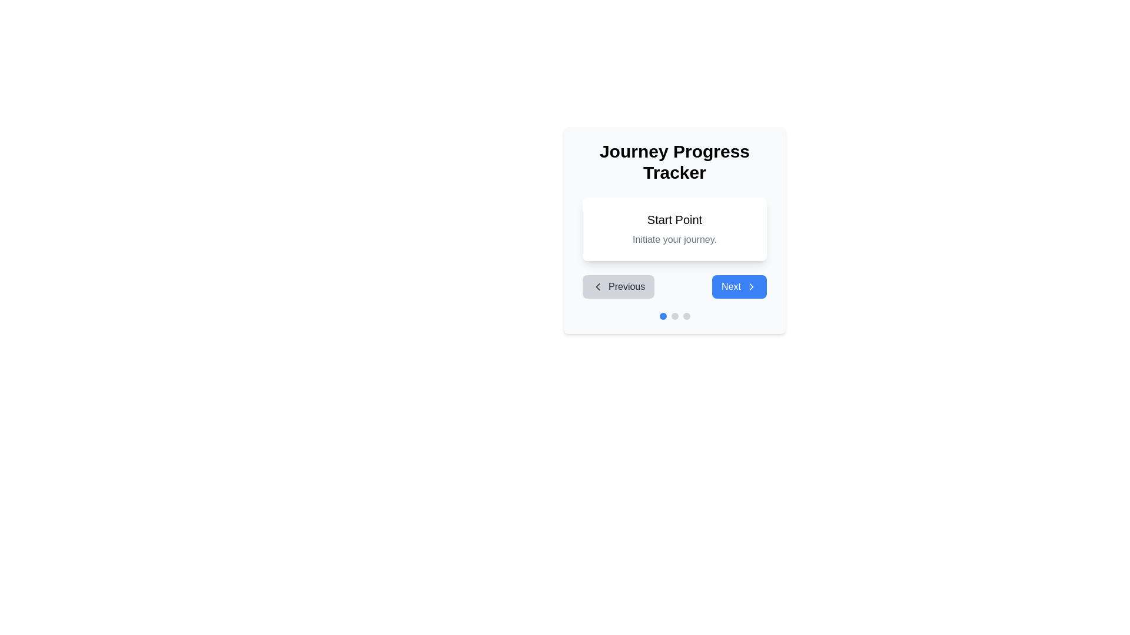 This screenshot has width=1130, height=635. I want to click on the leftward-pointing chevron icon located to the left of the 'Previous' button in the 'Journey Progress Tracker' card interface, so click(598, 287).